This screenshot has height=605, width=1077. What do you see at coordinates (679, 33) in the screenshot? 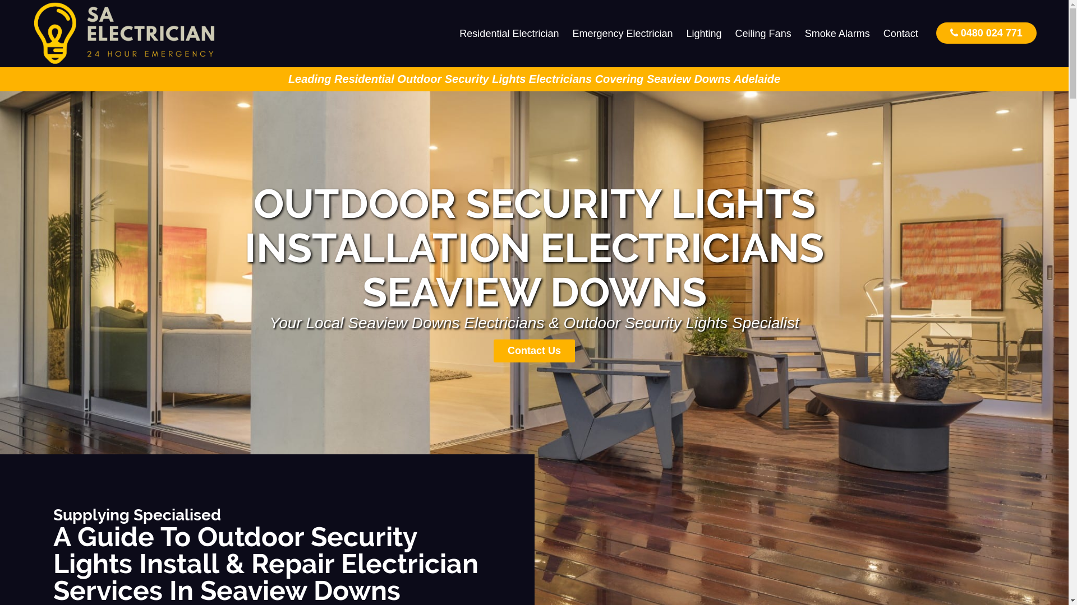
I see `'Lighting'` at bounding box center [679, 33].